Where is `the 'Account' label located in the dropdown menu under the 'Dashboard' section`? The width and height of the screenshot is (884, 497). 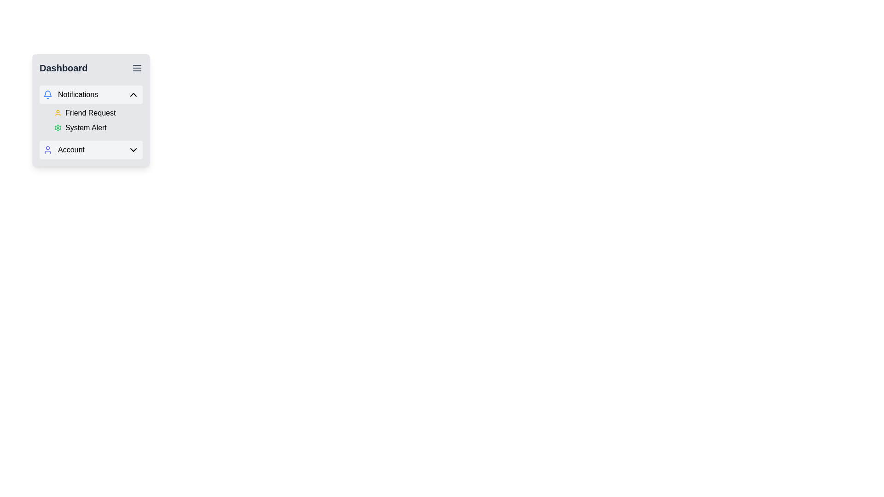 the 'Account' label located in the dropdown menu under the 'Dashboard' section is located at coordinates (63, 150).